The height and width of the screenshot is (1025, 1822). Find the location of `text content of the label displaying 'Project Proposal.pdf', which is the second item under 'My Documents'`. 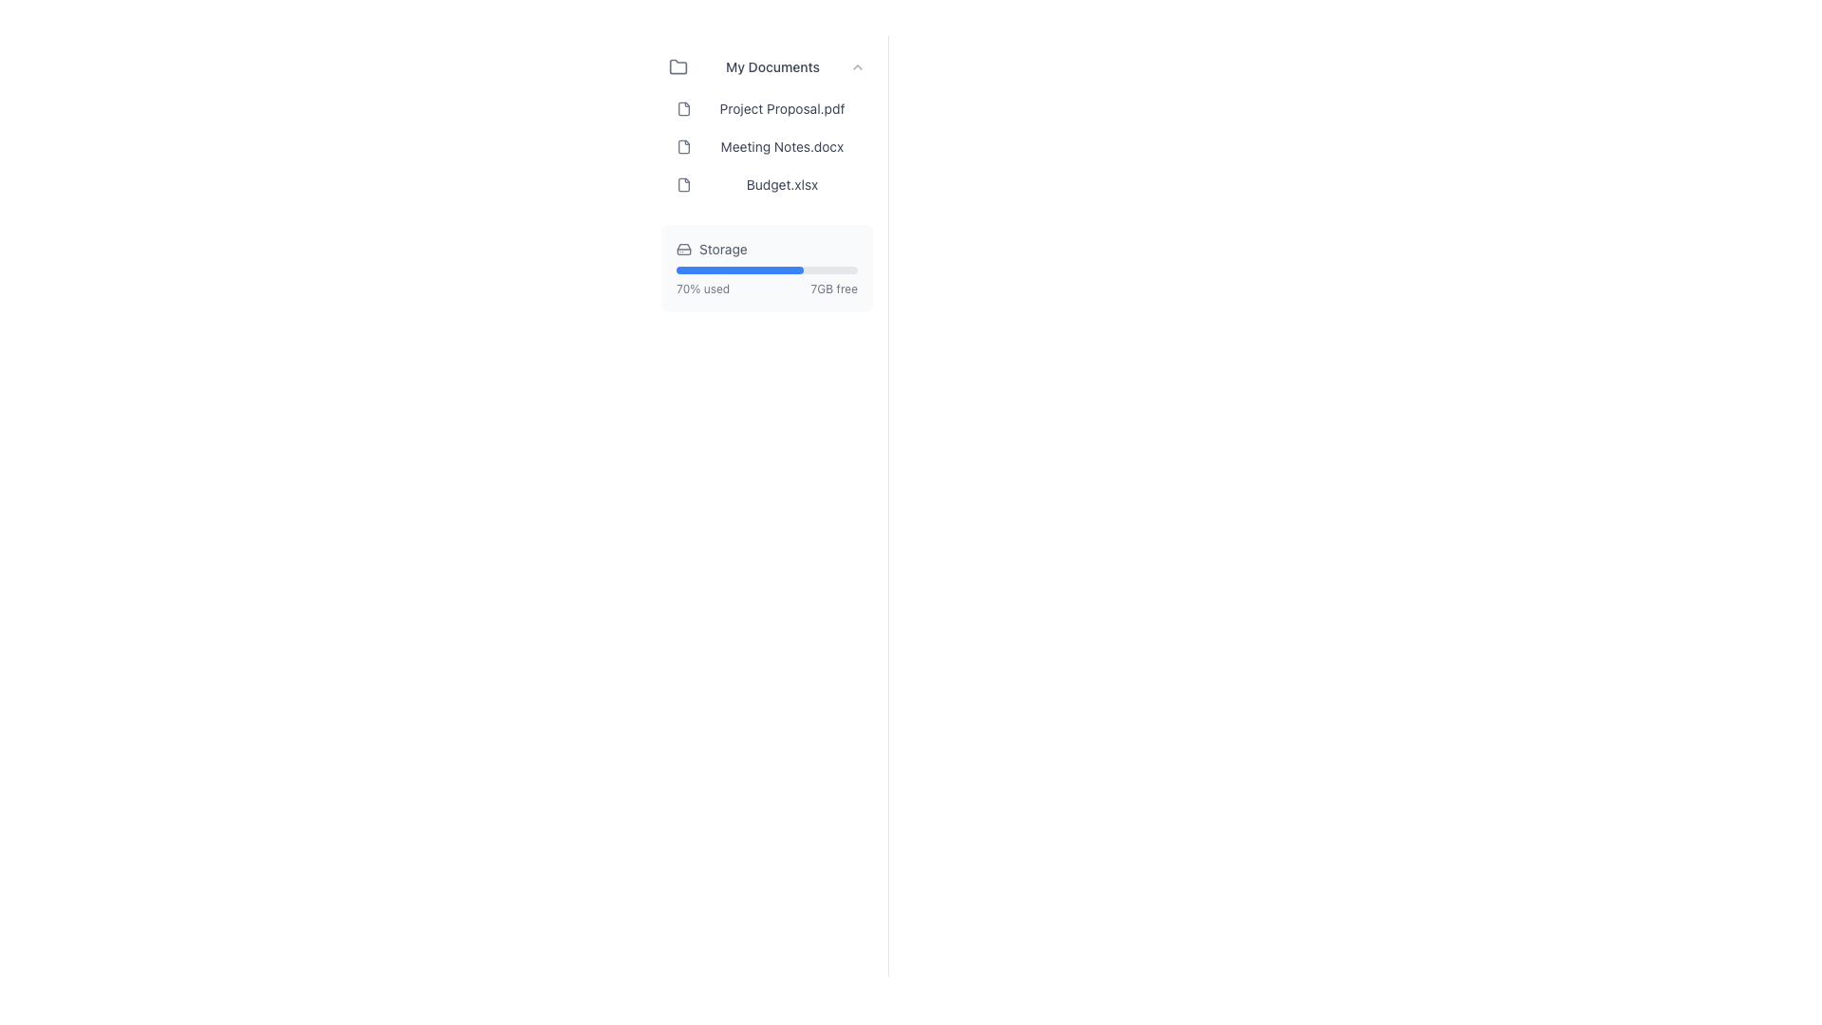

text content of the label displaying 'Project Proposal.pdf', which is the second item under 'My Documents' is located at coordinates (782, 109).